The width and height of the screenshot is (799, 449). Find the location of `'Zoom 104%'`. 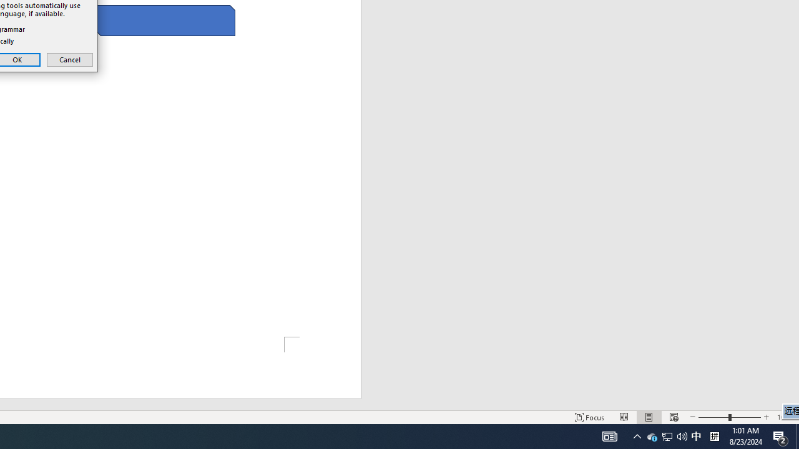

'Zoom 104%' is located at coordinates (785, 417).